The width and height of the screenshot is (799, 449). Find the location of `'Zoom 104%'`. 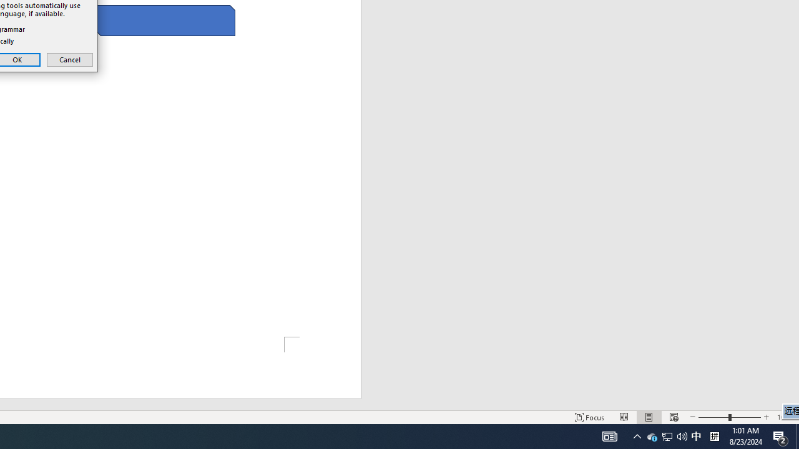

'Zoom 104%' is located at coordinates (785, 417).